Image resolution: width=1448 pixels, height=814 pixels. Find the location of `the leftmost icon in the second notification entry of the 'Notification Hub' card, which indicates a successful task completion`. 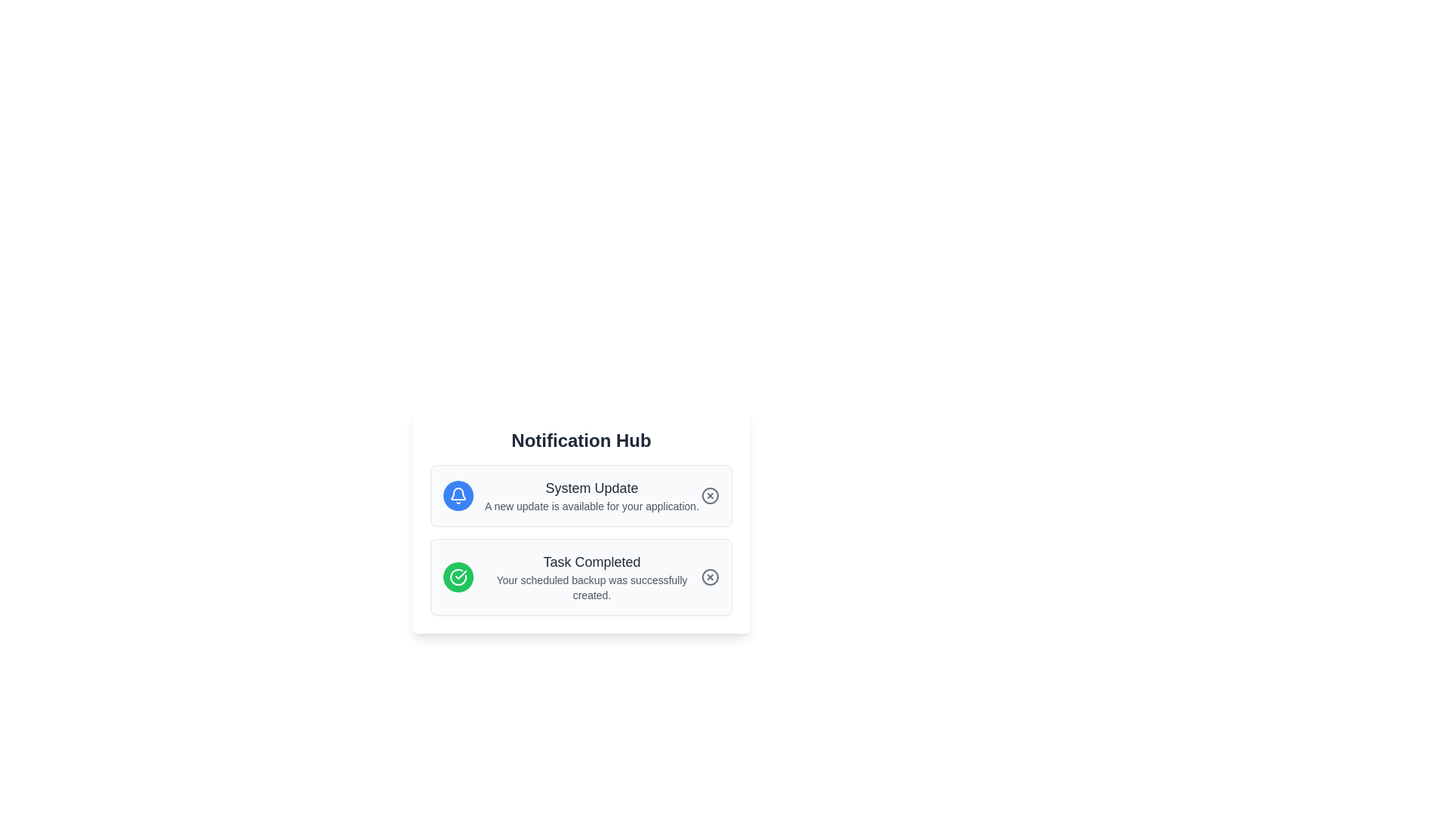

the leftmost icon in the second notification entry of the 'Notification Hub' card, which indicates a successful task completion is located at coordinates (458, 577).